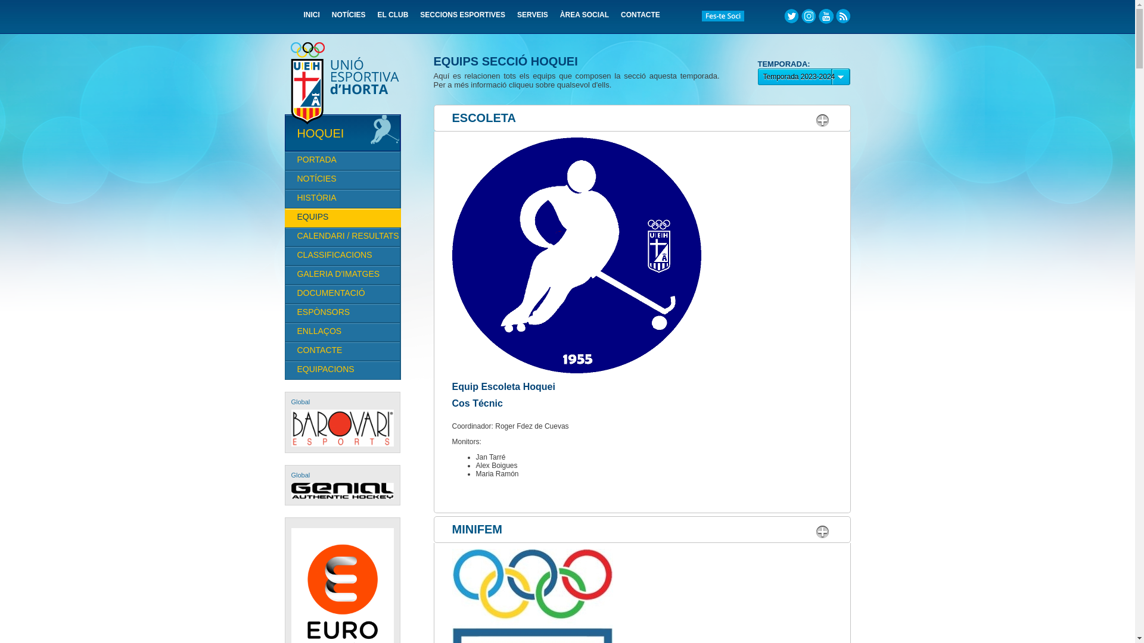 The width and height of the screenshot is (1144, 643). What do you see at coordinates (312, 18) in the screenshot?
I see `'INICI'` at bounding box center [312, 18].